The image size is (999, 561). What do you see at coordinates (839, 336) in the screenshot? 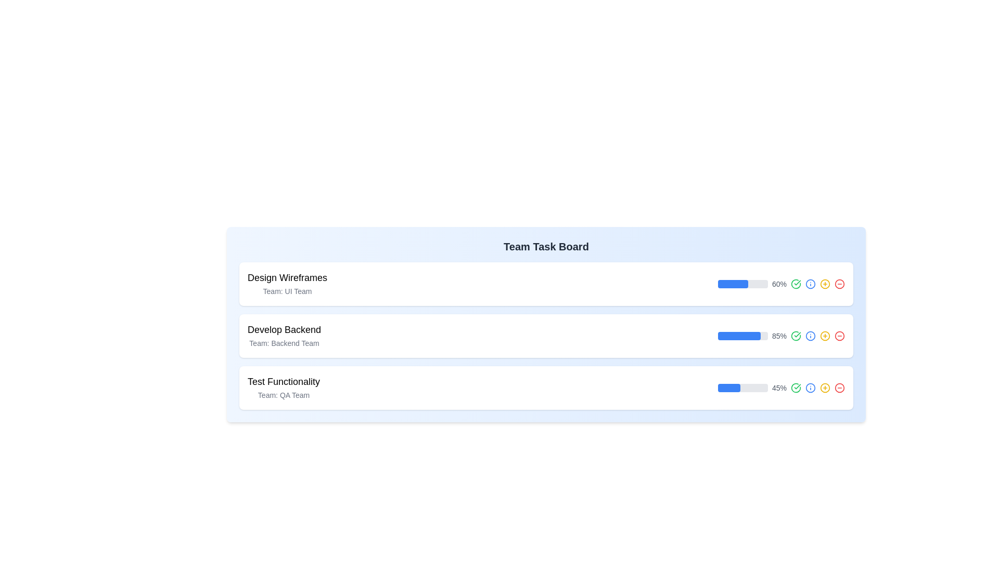
I see `the icon button located in the lower part of the center column, aligned with the '85%' progress bar` at bounding box center [839, 336].